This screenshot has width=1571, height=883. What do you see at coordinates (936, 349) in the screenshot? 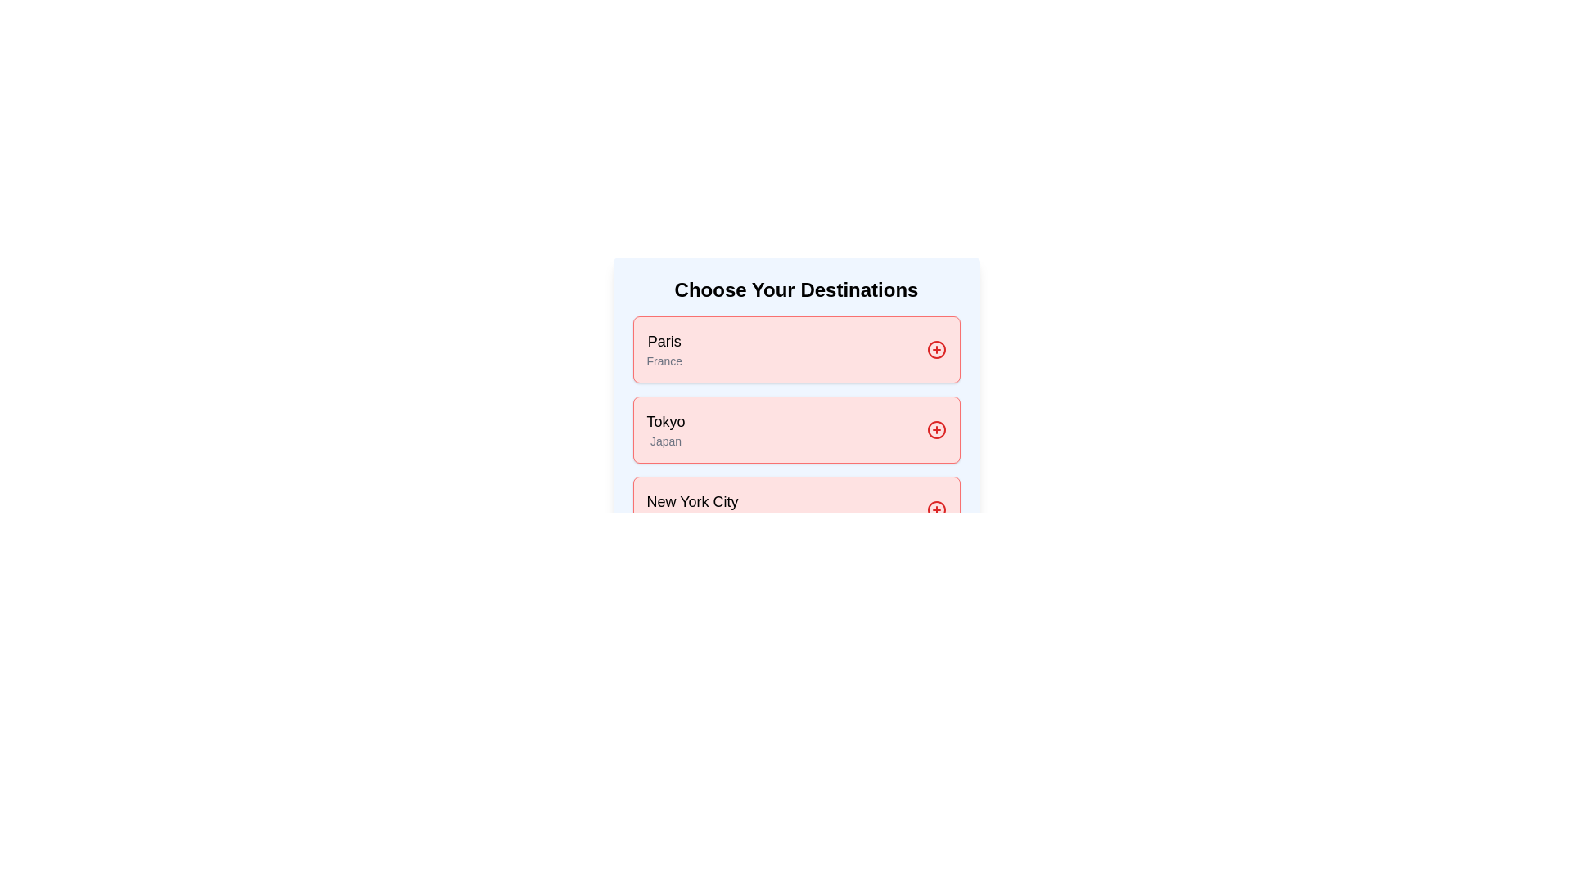
I see `the icon button located at the topmost card in the list of destination options, adjacent to the text 'Paris' and 'France'` at bounding box center [936, 349].